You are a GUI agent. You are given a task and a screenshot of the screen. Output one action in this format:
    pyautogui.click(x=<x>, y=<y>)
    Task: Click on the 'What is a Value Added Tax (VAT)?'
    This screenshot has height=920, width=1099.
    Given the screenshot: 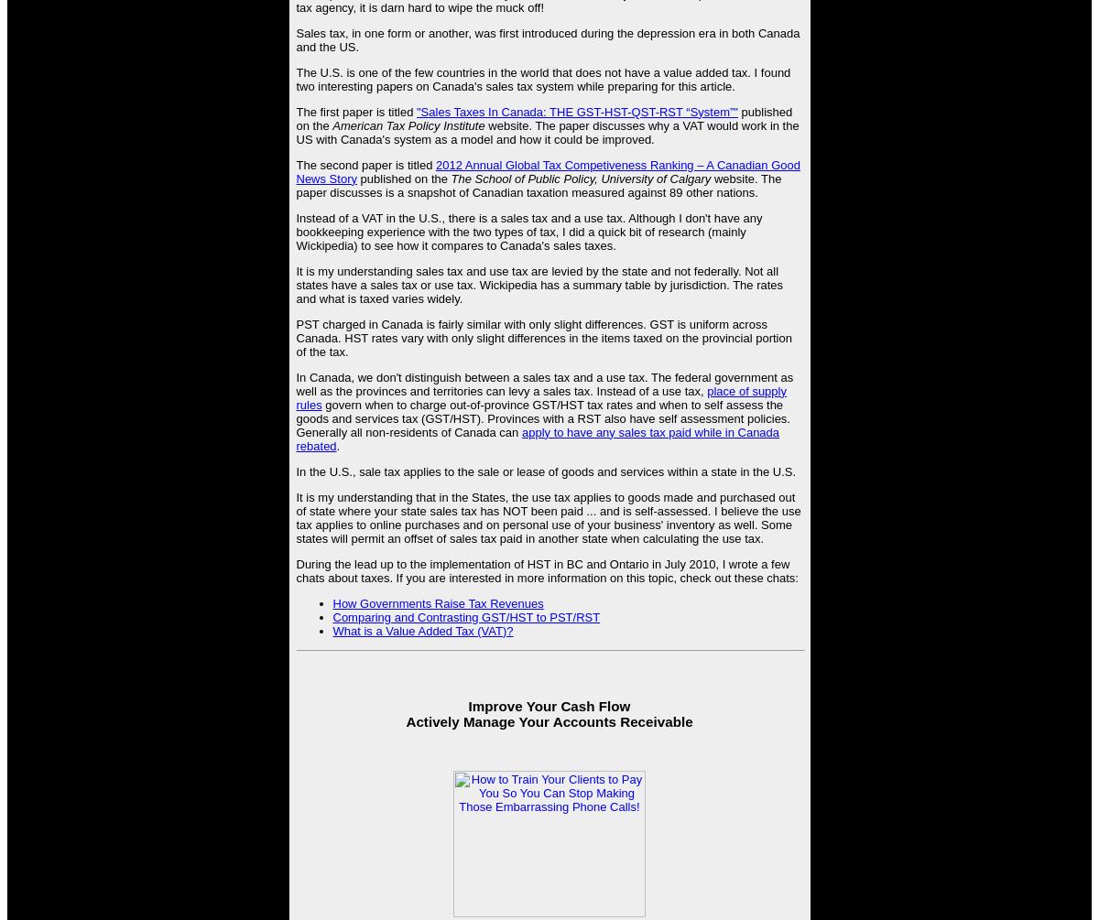 What is the action you would take?
    pyautogui.click(x=421, y=630)
    